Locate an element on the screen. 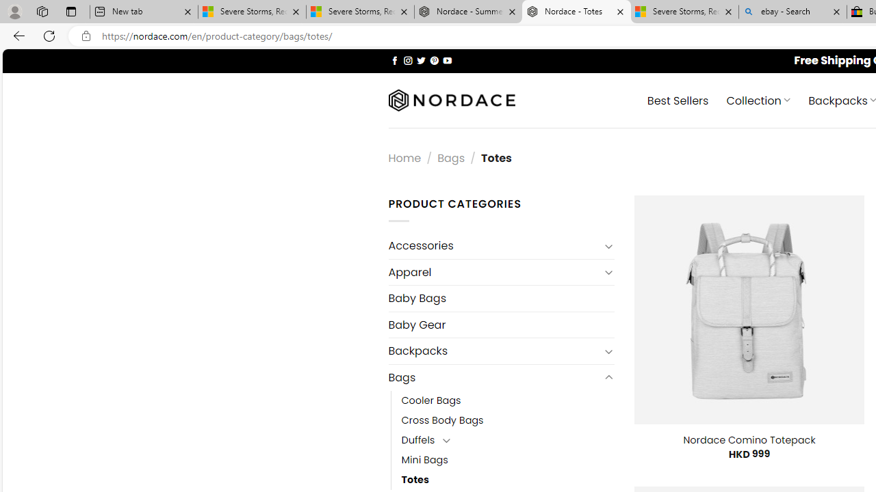 Image resolution: width=876 pixels, height=492 pixels. 'Duffels' is located at coordinates (417, 440).